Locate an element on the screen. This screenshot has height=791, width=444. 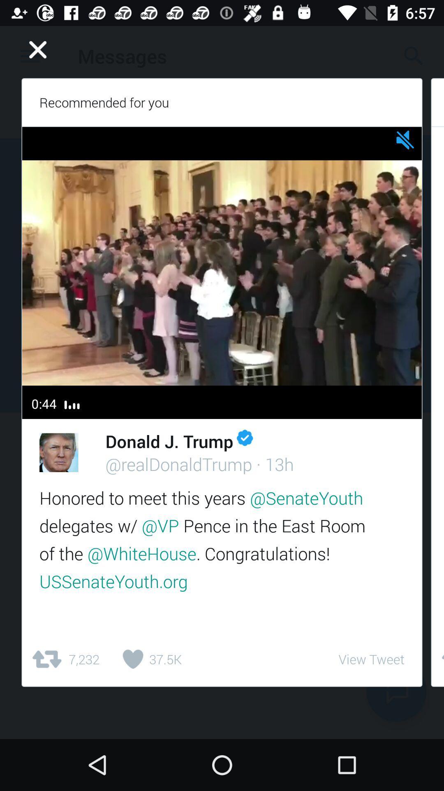
the close icon is located at coordinates (38, 49).